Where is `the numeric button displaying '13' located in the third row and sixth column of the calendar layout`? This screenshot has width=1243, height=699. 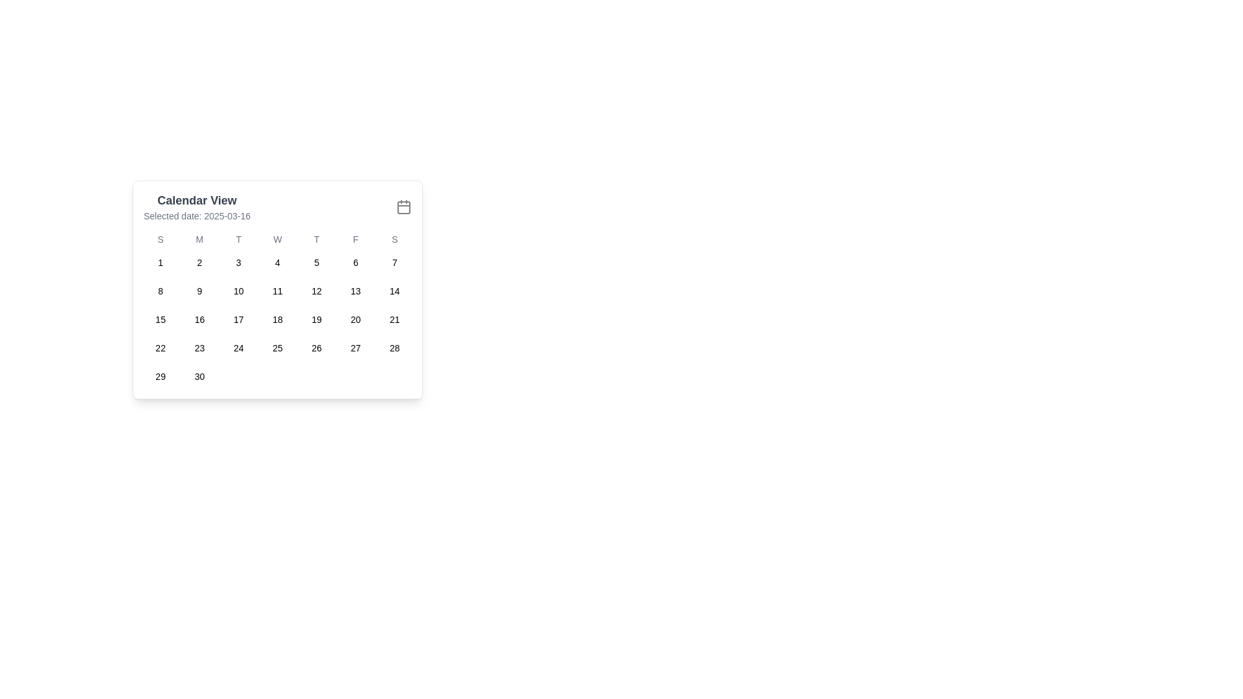 the numeric button displaying '13' located in the third row and sixth column of the calendar layout is located at coordinates (355, 291).